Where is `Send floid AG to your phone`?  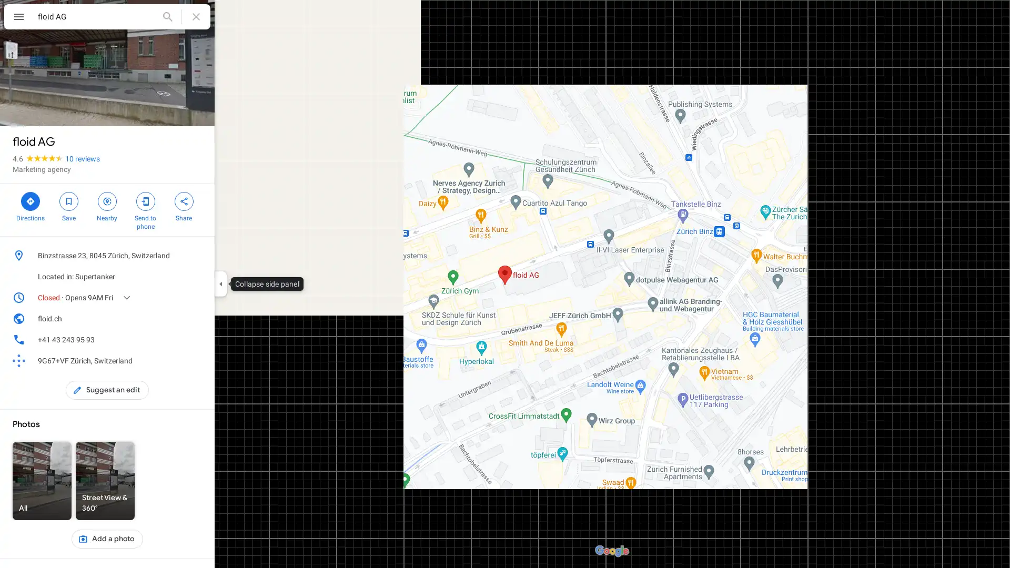 Send floid AG to your phone is located at coordinates (145, 209).